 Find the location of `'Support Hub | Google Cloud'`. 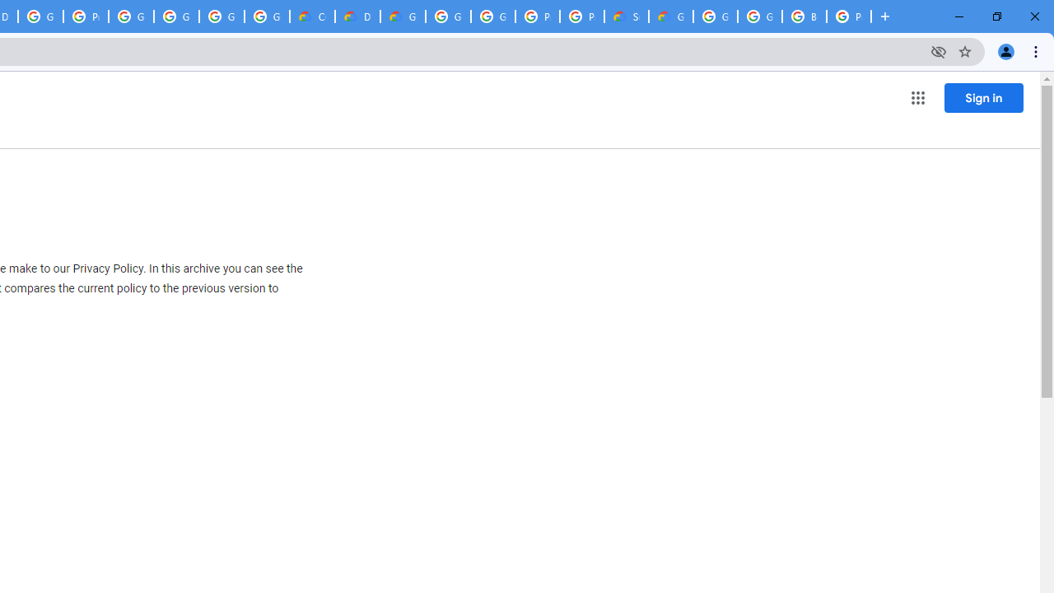

'Support Hub | Google Cloud' is located at coordinates (625, 16).